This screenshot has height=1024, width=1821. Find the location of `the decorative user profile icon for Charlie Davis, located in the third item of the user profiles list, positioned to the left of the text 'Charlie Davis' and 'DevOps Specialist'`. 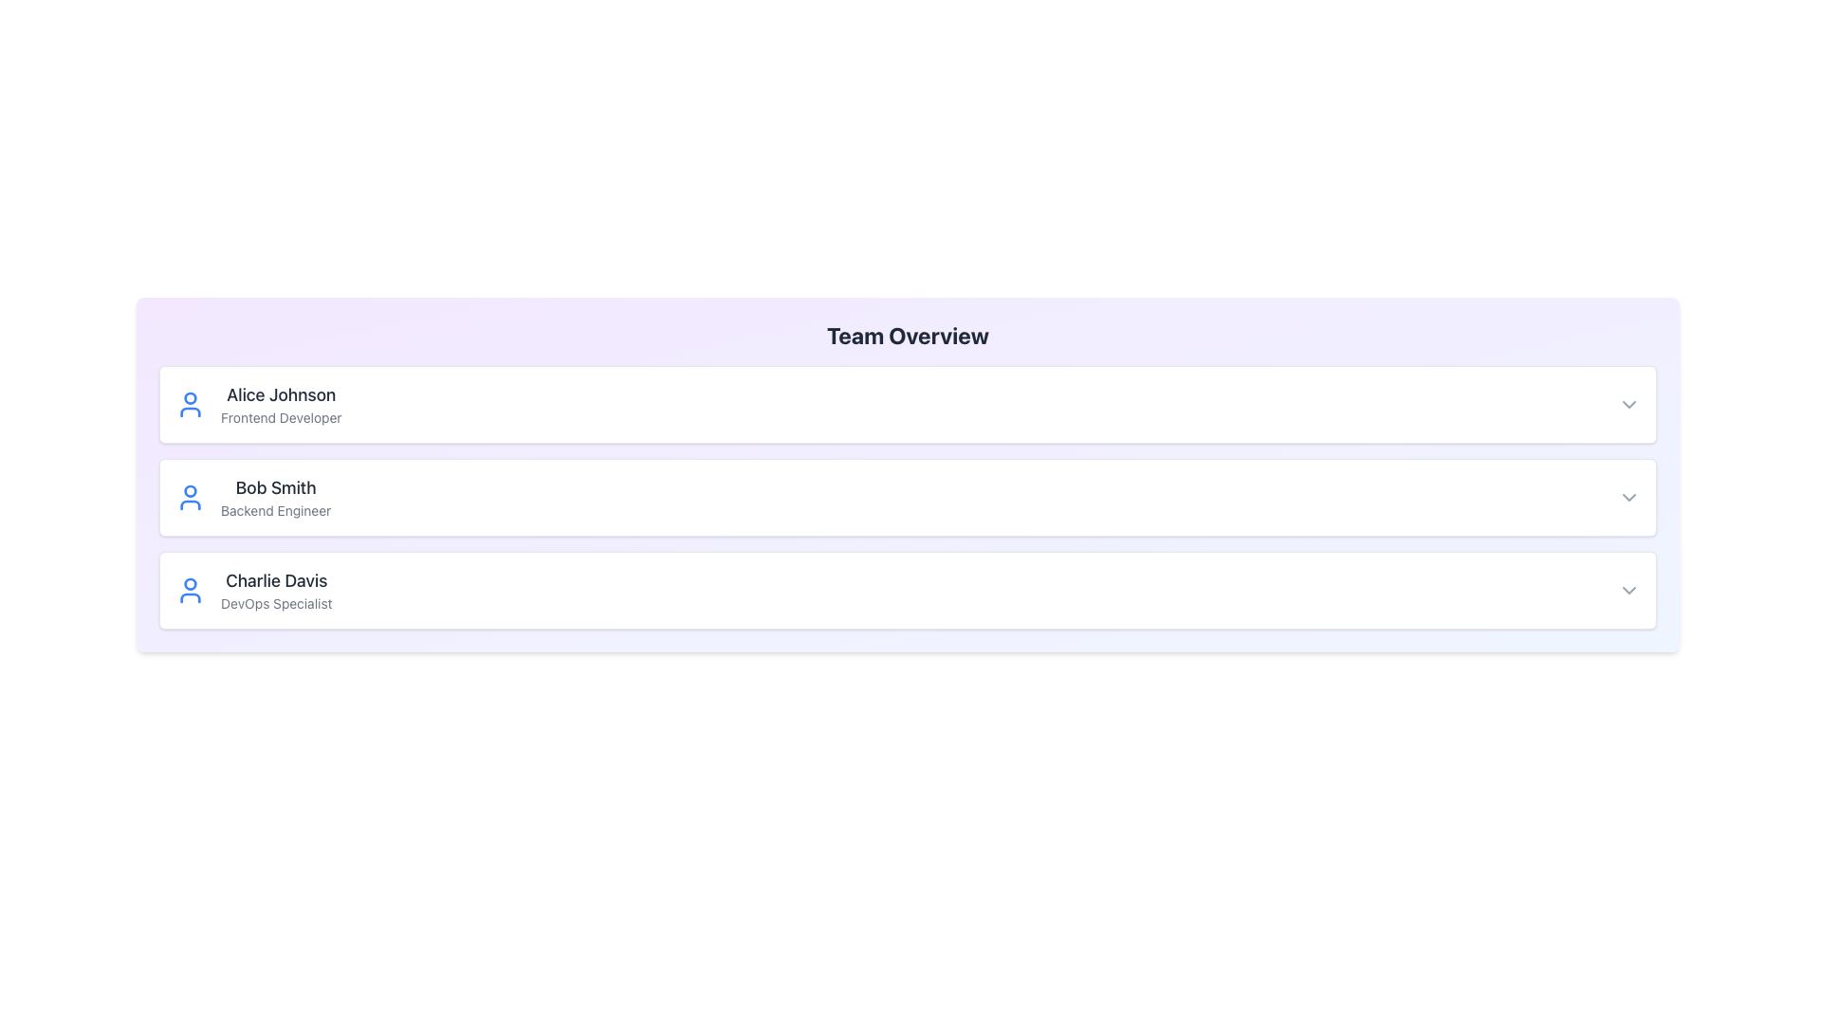

the decorative user profile icon for Charlie Davis, located in the third item of the user profiles list, positioned to the left of the text 'Charlie Davis' and 'DevOps Specialist' is located at coordinates (191, 590).